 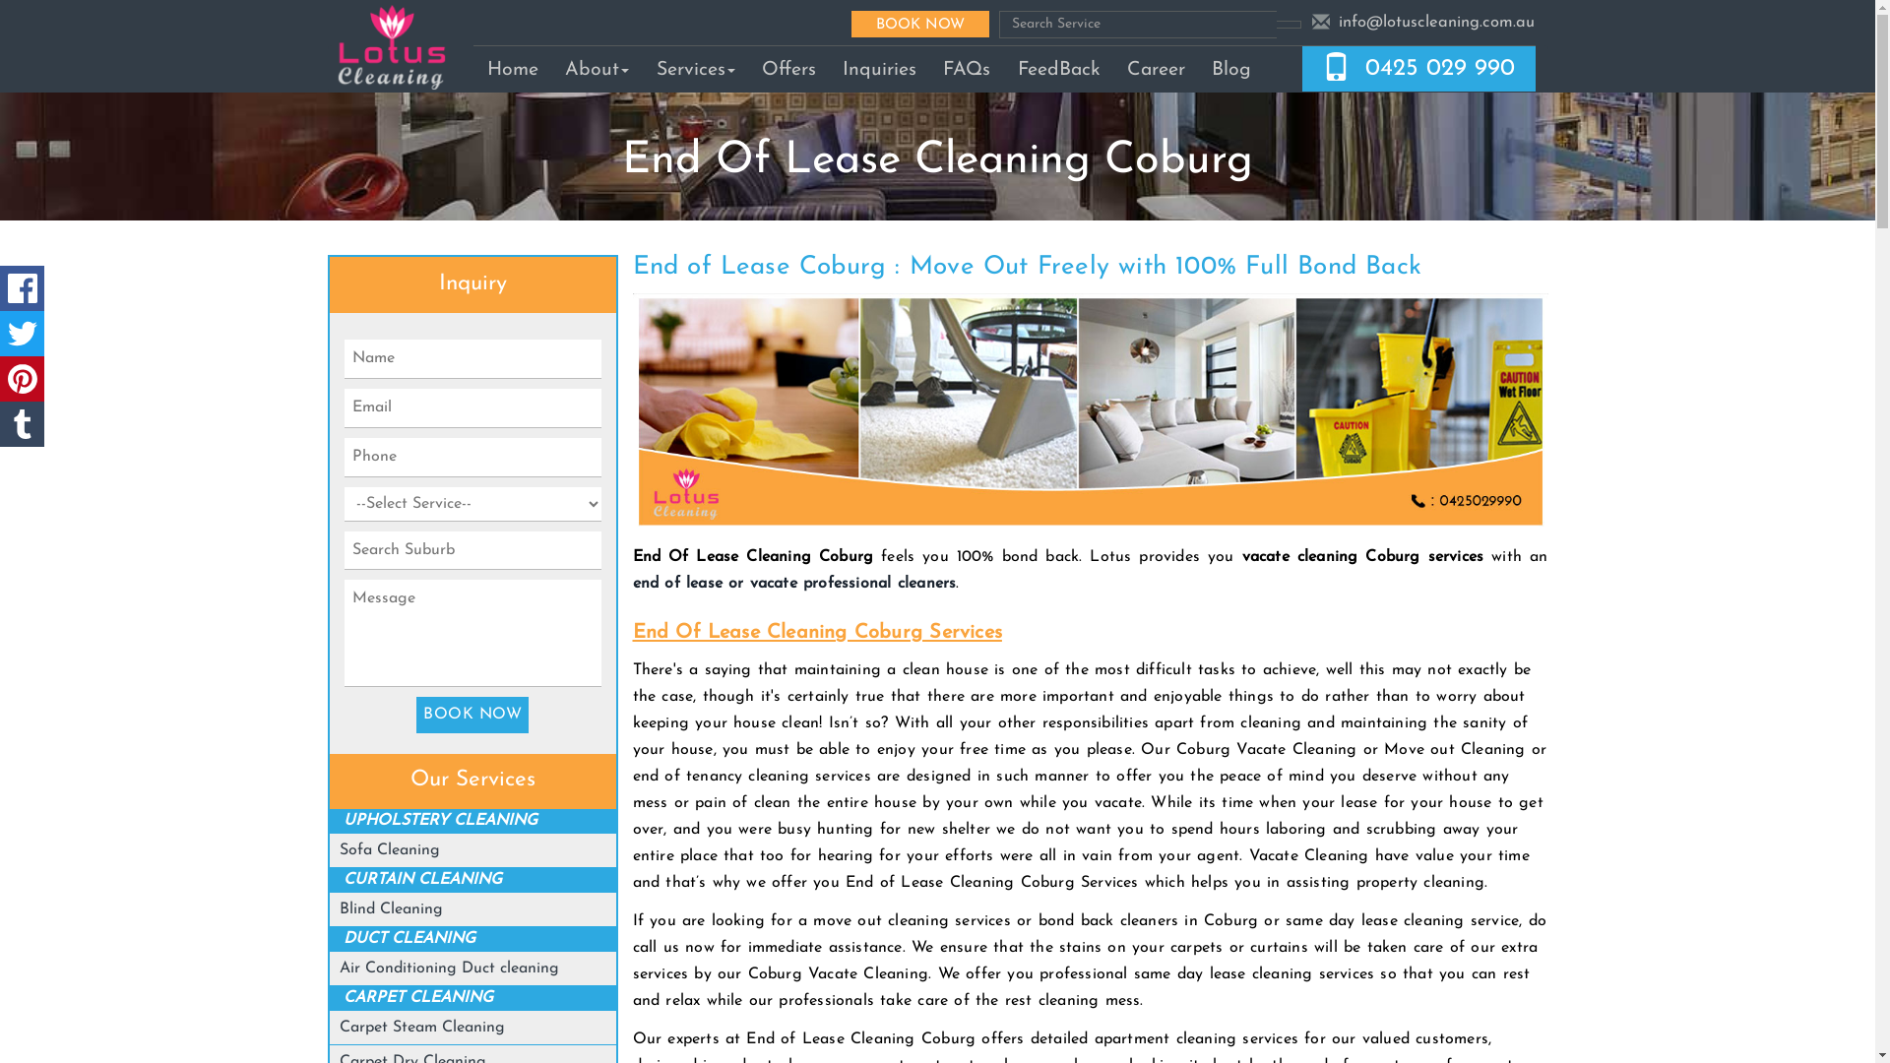 What do you see at coordinates (472, 68) in the screenshot?
I see `'Home'` at bounding box center [472, 68].